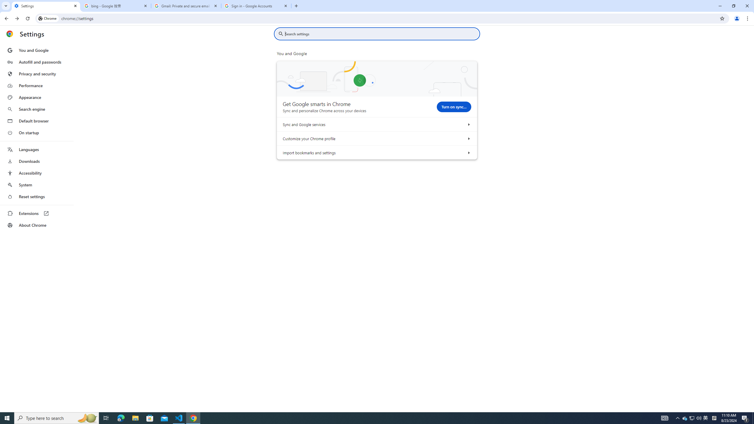  Describe the element at coordinates (36, 62) in the screenshot. I see `'Autofill and passwords'` at that location.